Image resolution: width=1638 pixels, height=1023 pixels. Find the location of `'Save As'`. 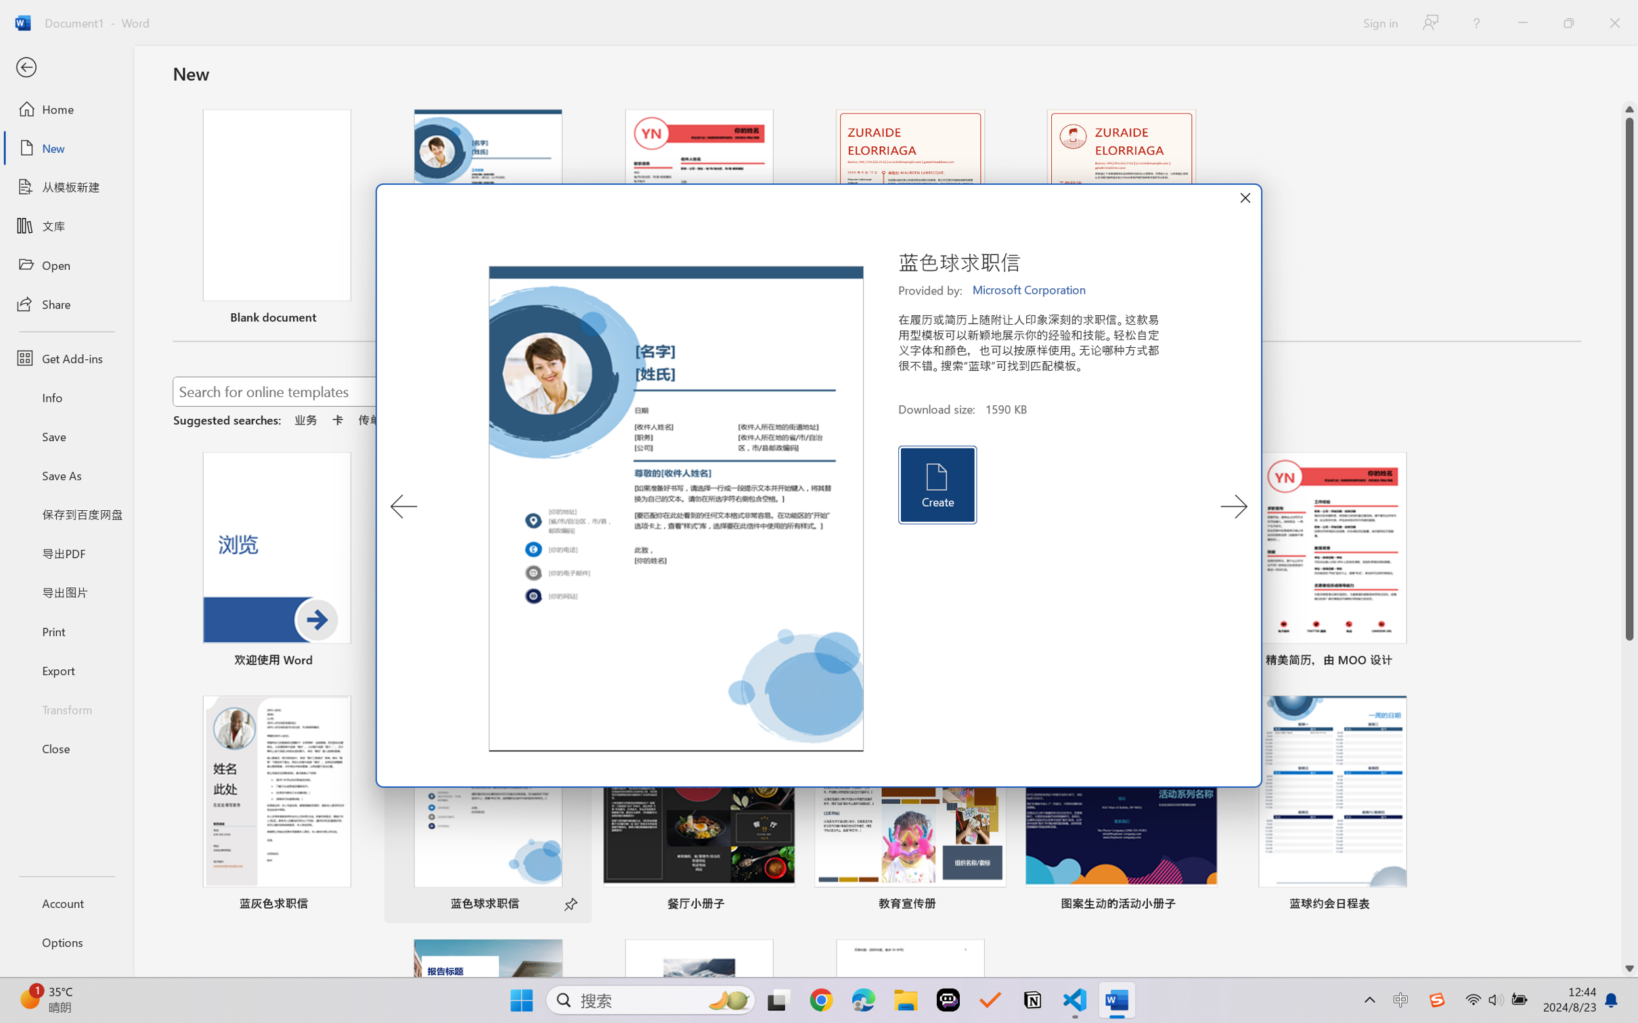

'Save As' is located at coordinates (66, 475).